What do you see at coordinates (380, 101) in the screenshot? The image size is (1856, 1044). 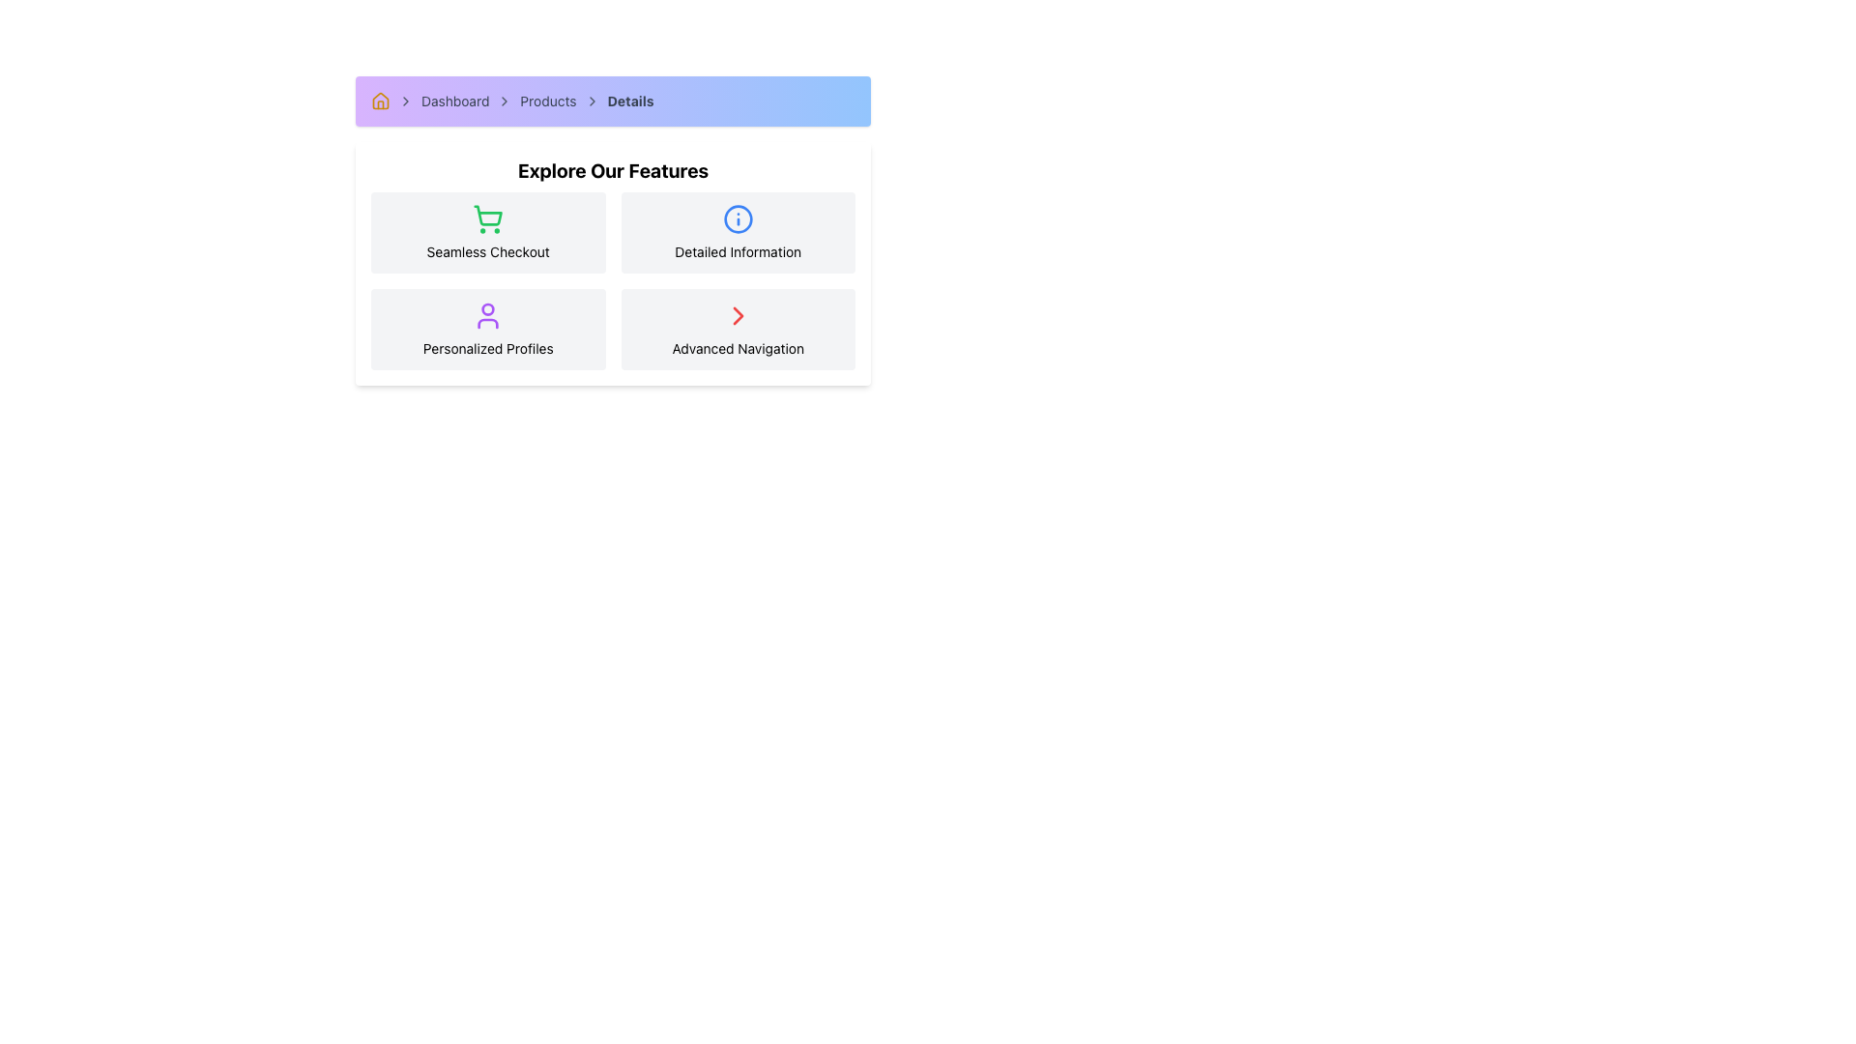 I see `the breadcrumb navigation icon that serves as a link to the homepage, positioned to the left of the 'Dashboard' label` at bounding box center [380, 101].